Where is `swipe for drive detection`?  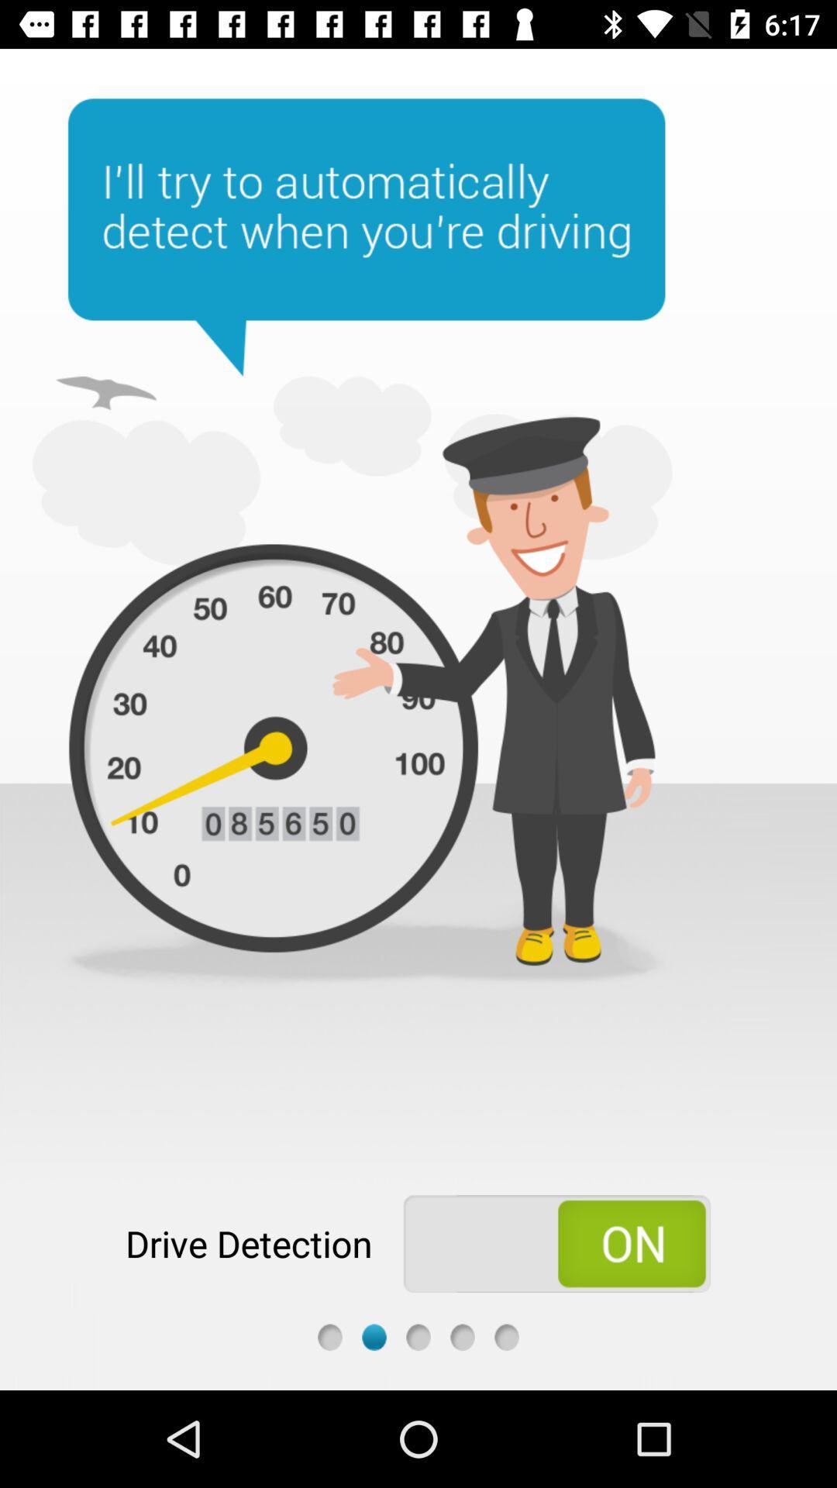
swipe for drive detection is located at coordinates (556, 1243).